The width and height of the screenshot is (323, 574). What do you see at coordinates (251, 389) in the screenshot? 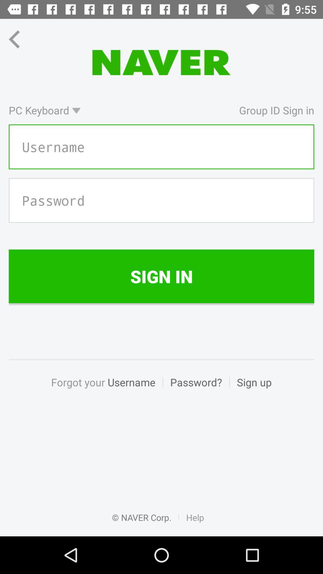
I see `sign up at the bottom right corner` at bounding box center [251, 389].